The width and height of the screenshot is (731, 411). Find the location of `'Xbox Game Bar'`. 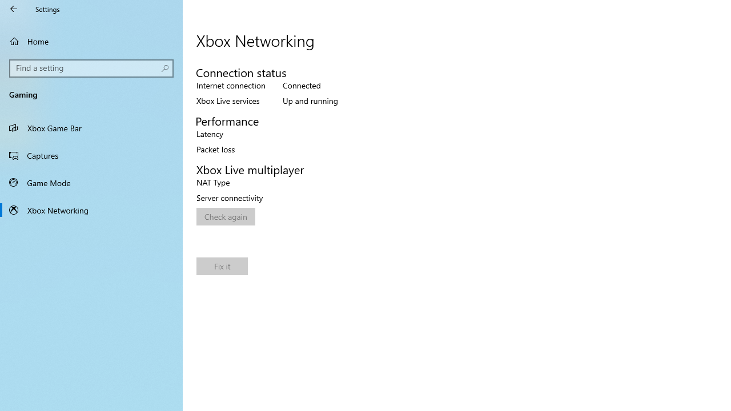

'Xbox Game Bar' is located at coordinates (91, 127).